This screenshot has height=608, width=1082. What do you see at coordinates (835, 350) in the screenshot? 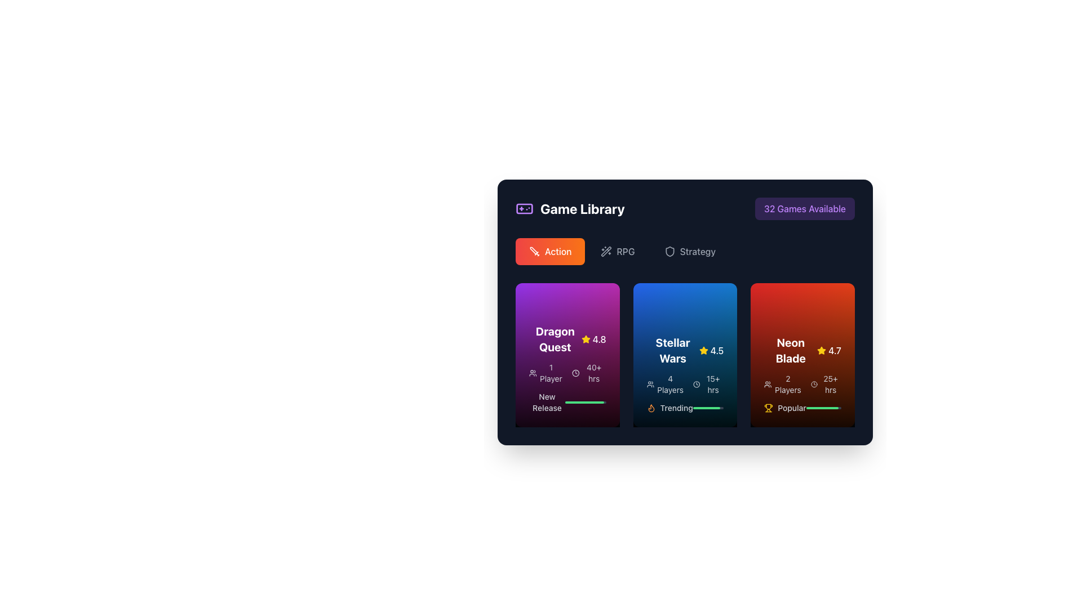
I see `the numeric rating text displaying '4.7' styled with a white font against a red background, located on the third card titled 'Neon Blade' in the Game Library section` at bounding box center [835, 350].